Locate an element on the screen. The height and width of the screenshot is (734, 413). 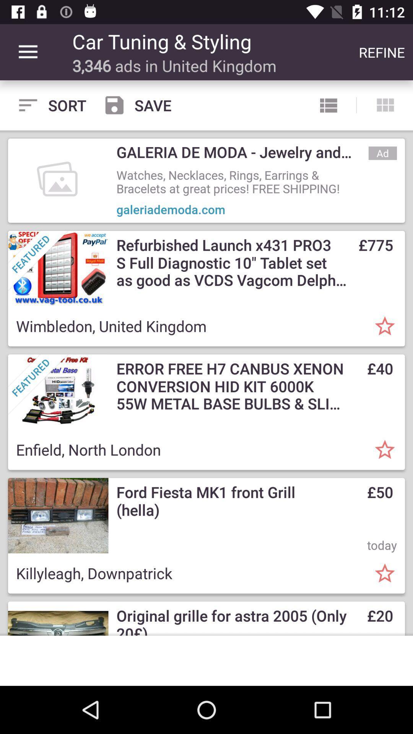
the star which is right to enfield north london is located at coordinates (385, 450).